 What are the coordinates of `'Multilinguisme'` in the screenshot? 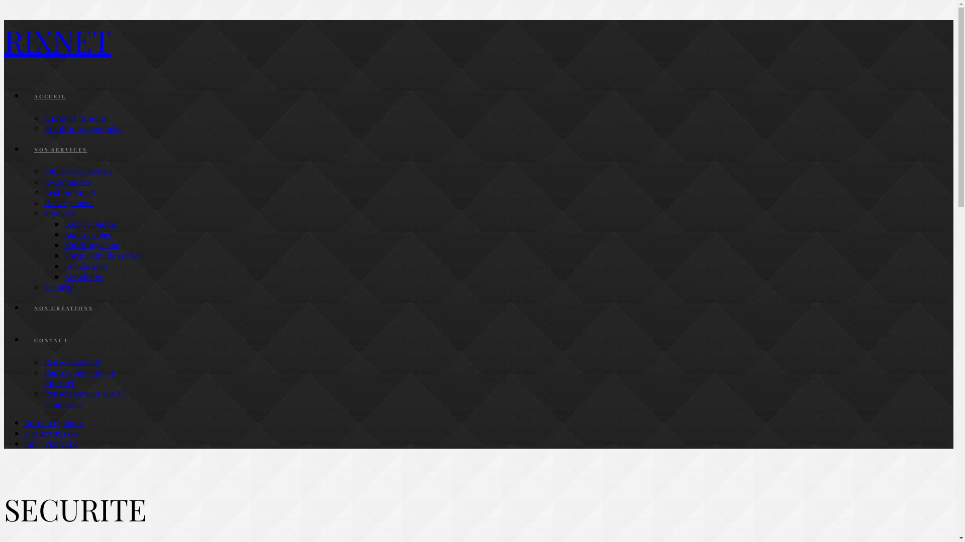 It's located at (91, 244).